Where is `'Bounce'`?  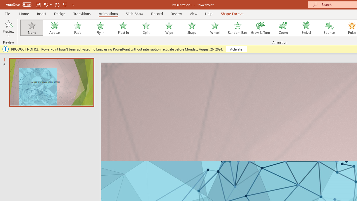
'Bounce' is located at coordinates (329, 28).